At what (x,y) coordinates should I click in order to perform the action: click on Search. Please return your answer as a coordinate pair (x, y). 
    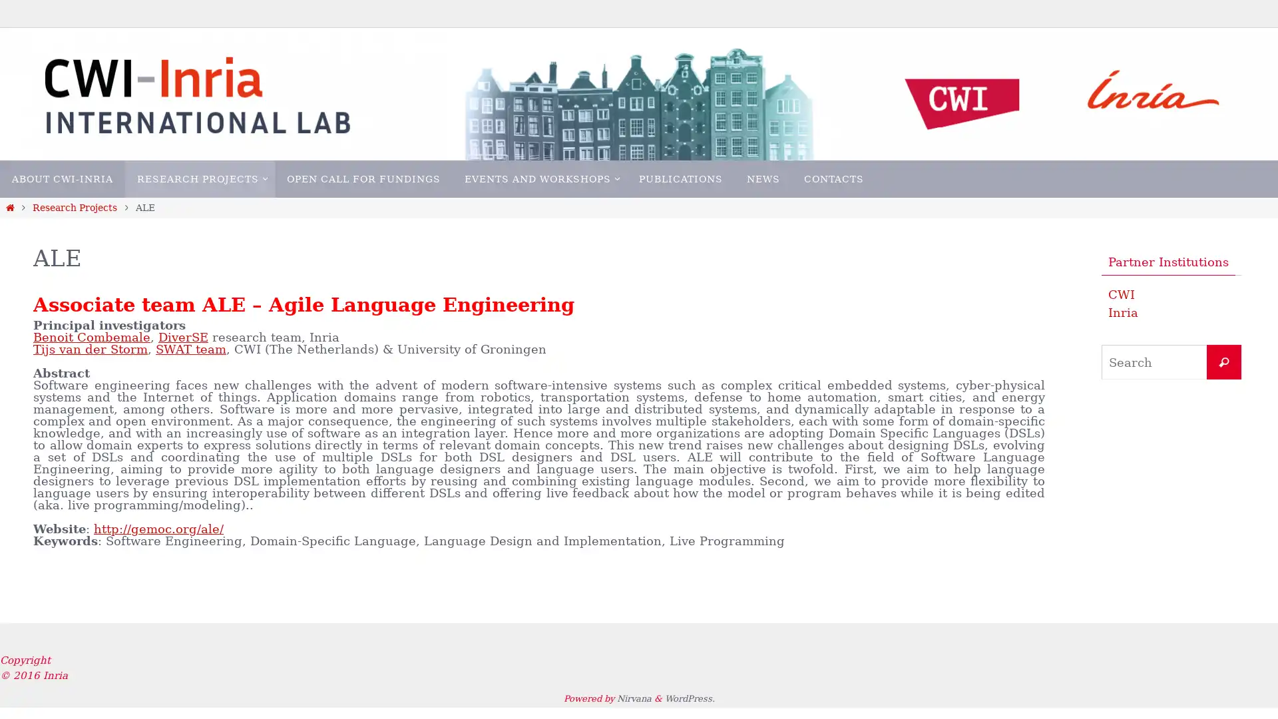
    Looking at the image, I should click on (1223, 361).